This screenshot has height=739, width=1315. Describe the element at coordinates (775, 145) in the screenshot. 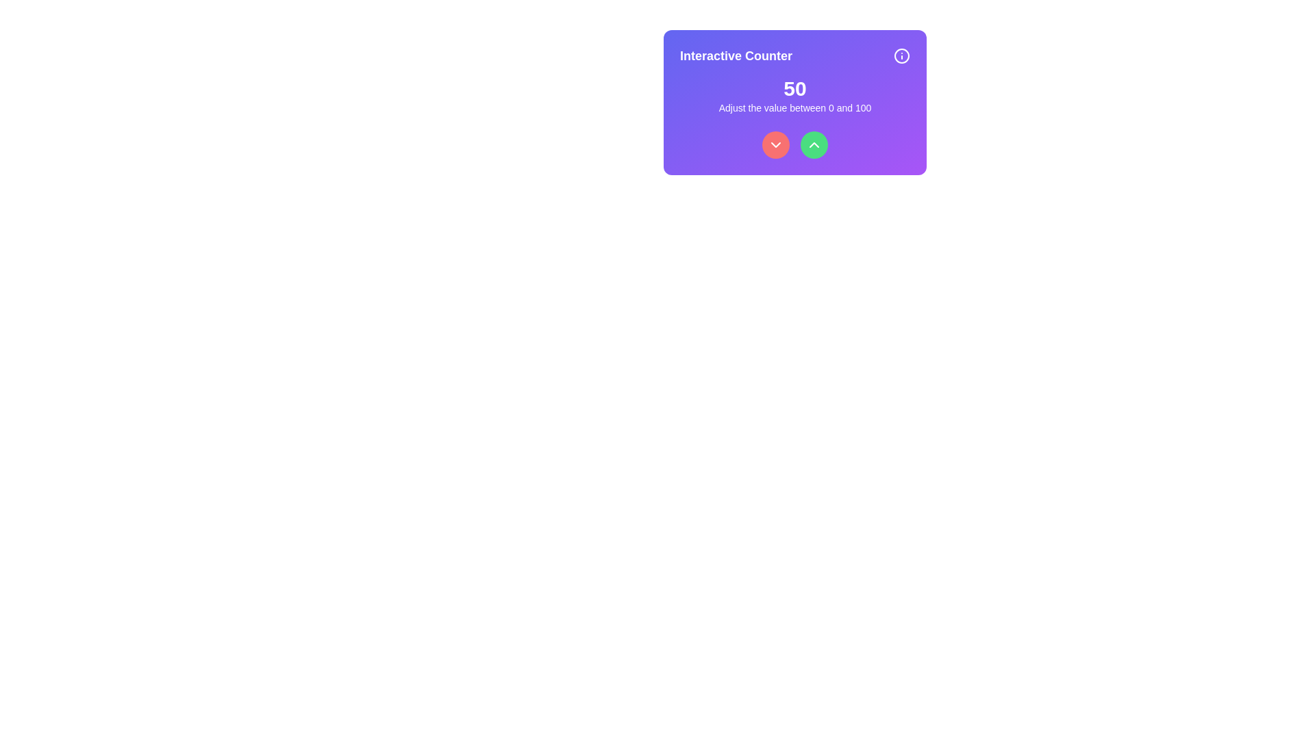

I see `the circular red button with a downward-facing chevron icon to decrease the value` at that location.